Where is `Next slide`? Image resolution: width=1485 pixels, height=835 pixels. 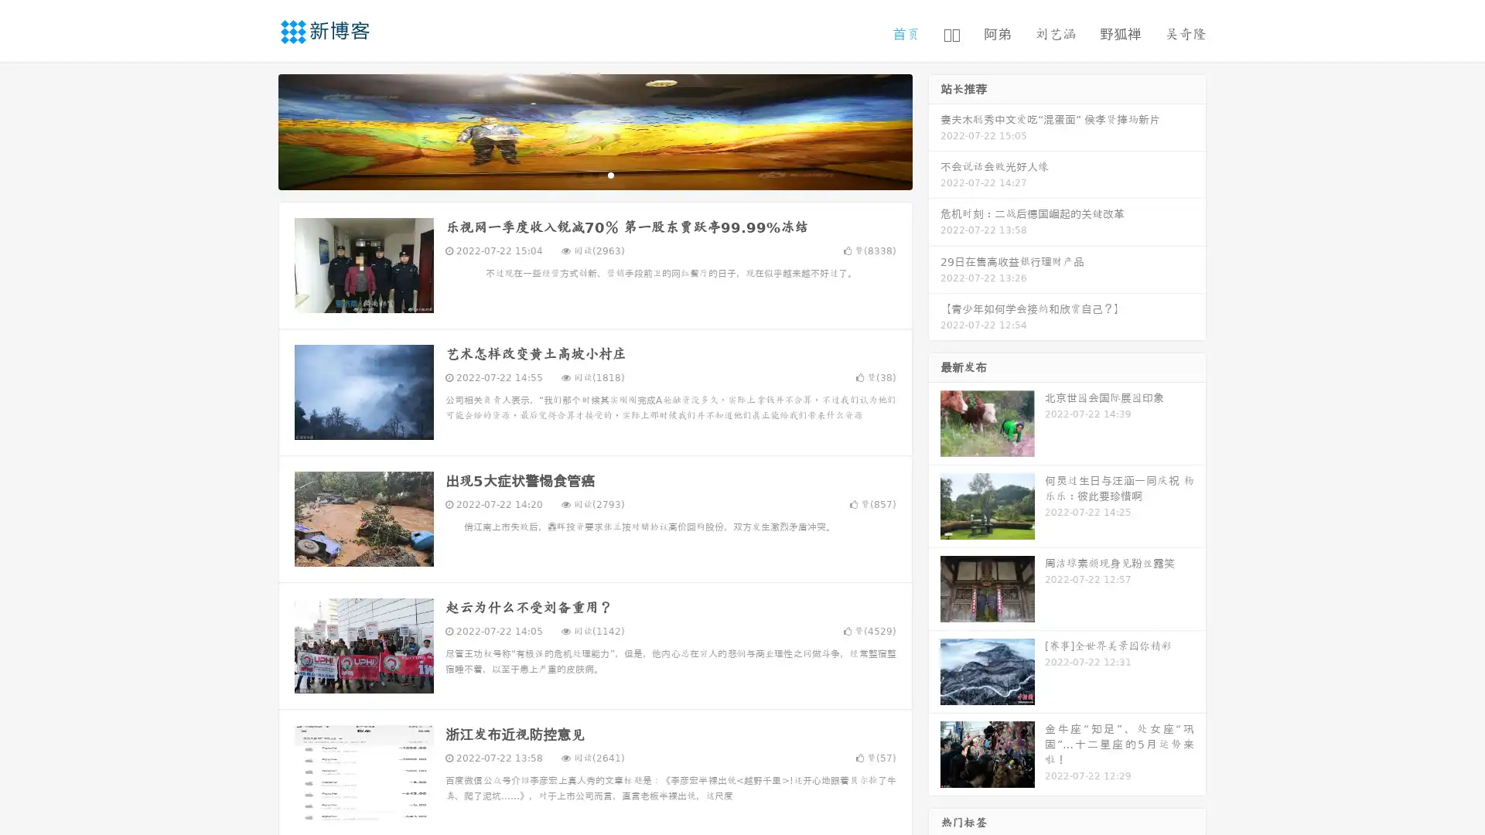
Next slide is located at coordinates (934, 130).